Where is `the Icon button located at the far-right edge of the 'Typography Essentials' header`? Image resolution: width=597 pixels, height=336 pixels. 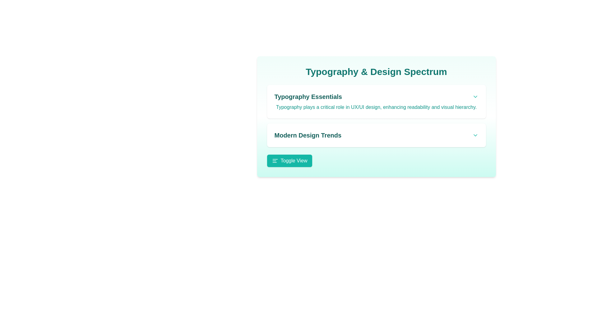
the Icon button located at the far-right edge of the 'Typography Essentials' header is located at coordinates (475, 97).